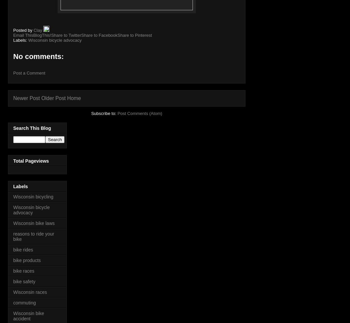  I want to click on 'commuting', so click(24, 302).